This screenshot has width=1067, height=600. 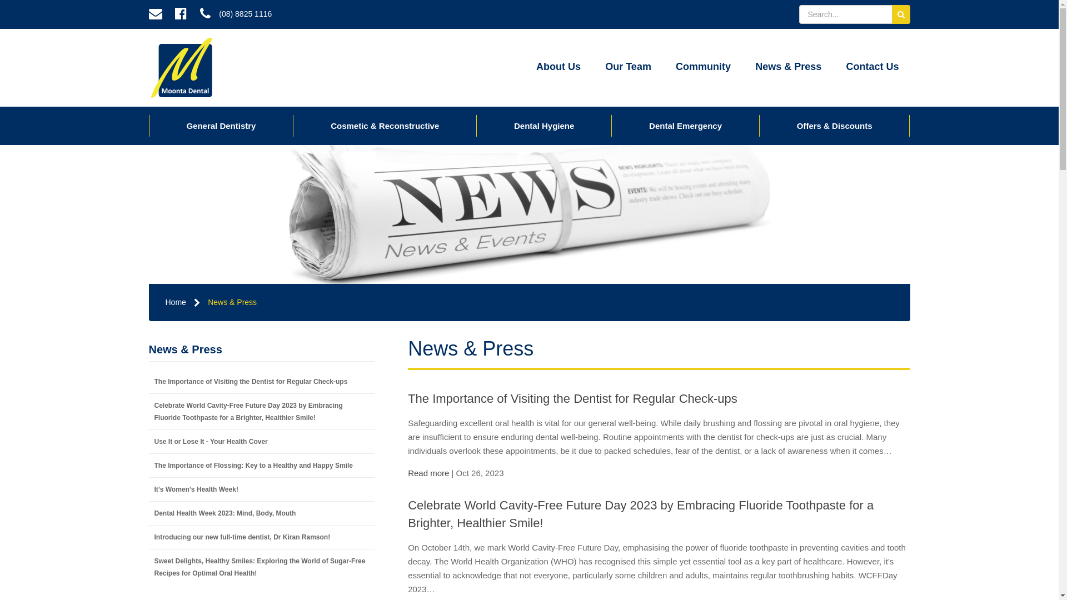 What do you see at coordinates (261, 465) in the screenshot?
I see `'The Importance of Flossing: Key to a Healthy and Happy Smile'` at bounding box center [261, 465].